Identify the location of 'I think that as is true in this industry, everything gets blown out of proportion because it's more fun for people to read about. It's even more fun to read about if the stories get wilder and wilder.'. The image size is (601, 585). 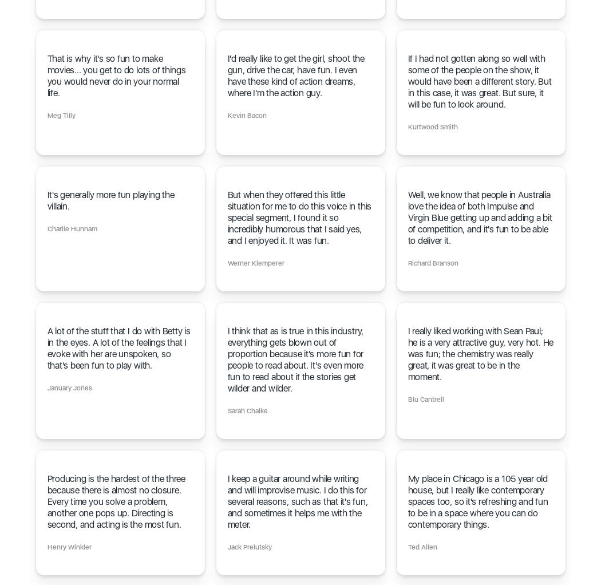
(294, 359).